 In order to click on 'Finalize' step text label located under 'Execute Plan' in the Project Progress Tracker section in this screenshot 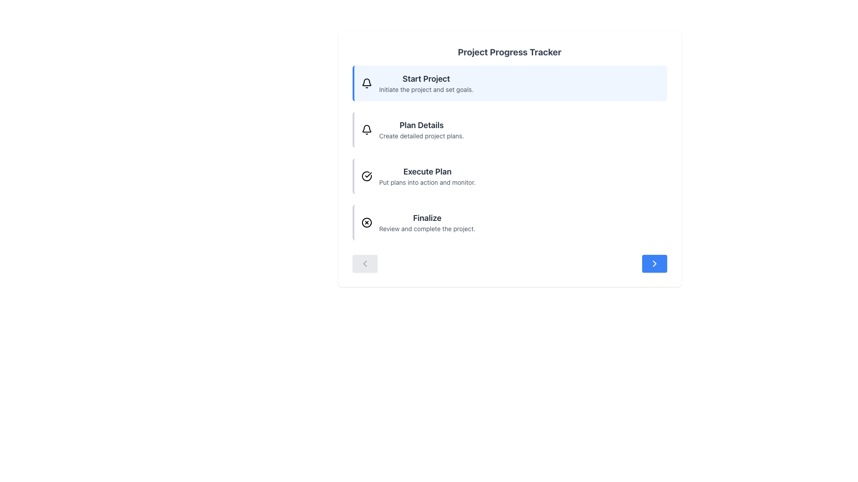, I will do `click(427, 222)`.